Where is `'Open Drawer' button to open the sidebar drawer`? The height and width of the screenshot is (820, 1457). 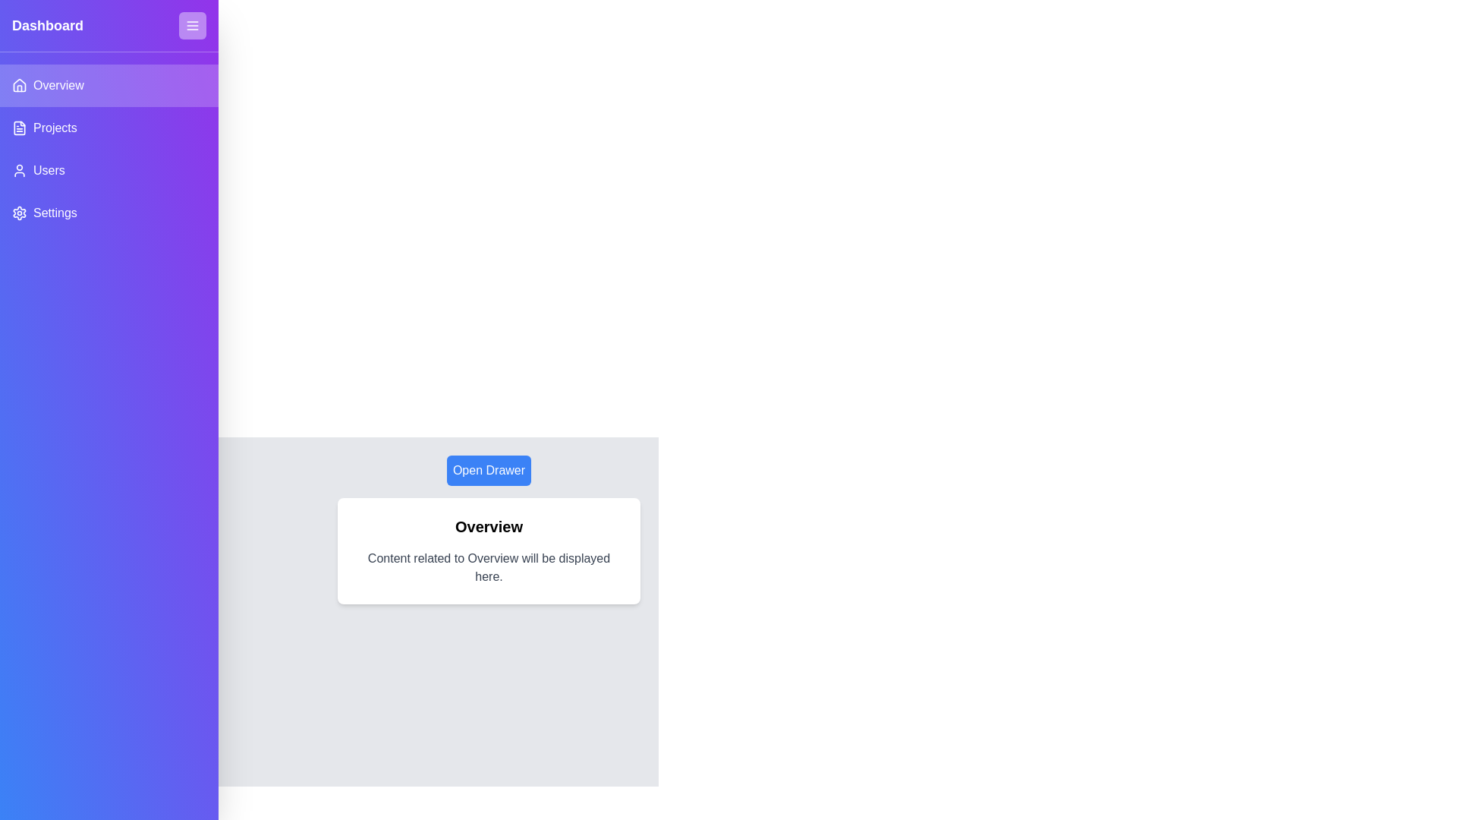
'Open Drawer' button to open the sidebar drawer is located at coordinates (489, 470).